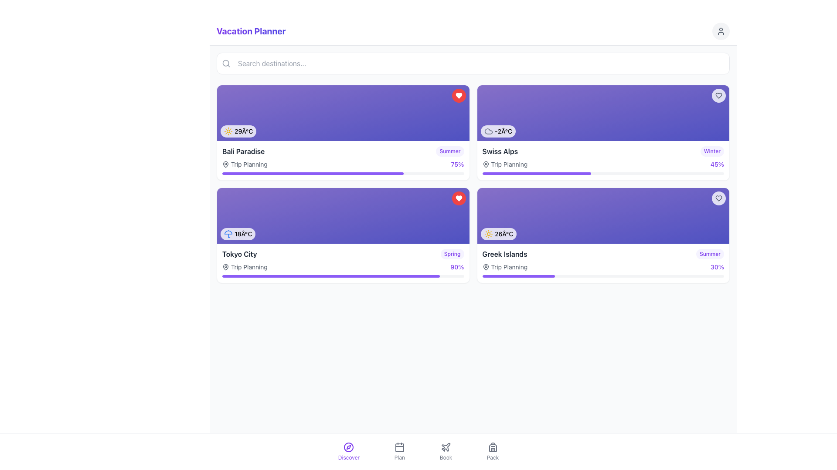 Image resolution: width=837 pixels, height=470 pixels. I want to click on the progress bar for planning status on the Informational card about Tokyo City, which is located in the bottom-left position of a 2x2 card grid layout, so click(343, 235).